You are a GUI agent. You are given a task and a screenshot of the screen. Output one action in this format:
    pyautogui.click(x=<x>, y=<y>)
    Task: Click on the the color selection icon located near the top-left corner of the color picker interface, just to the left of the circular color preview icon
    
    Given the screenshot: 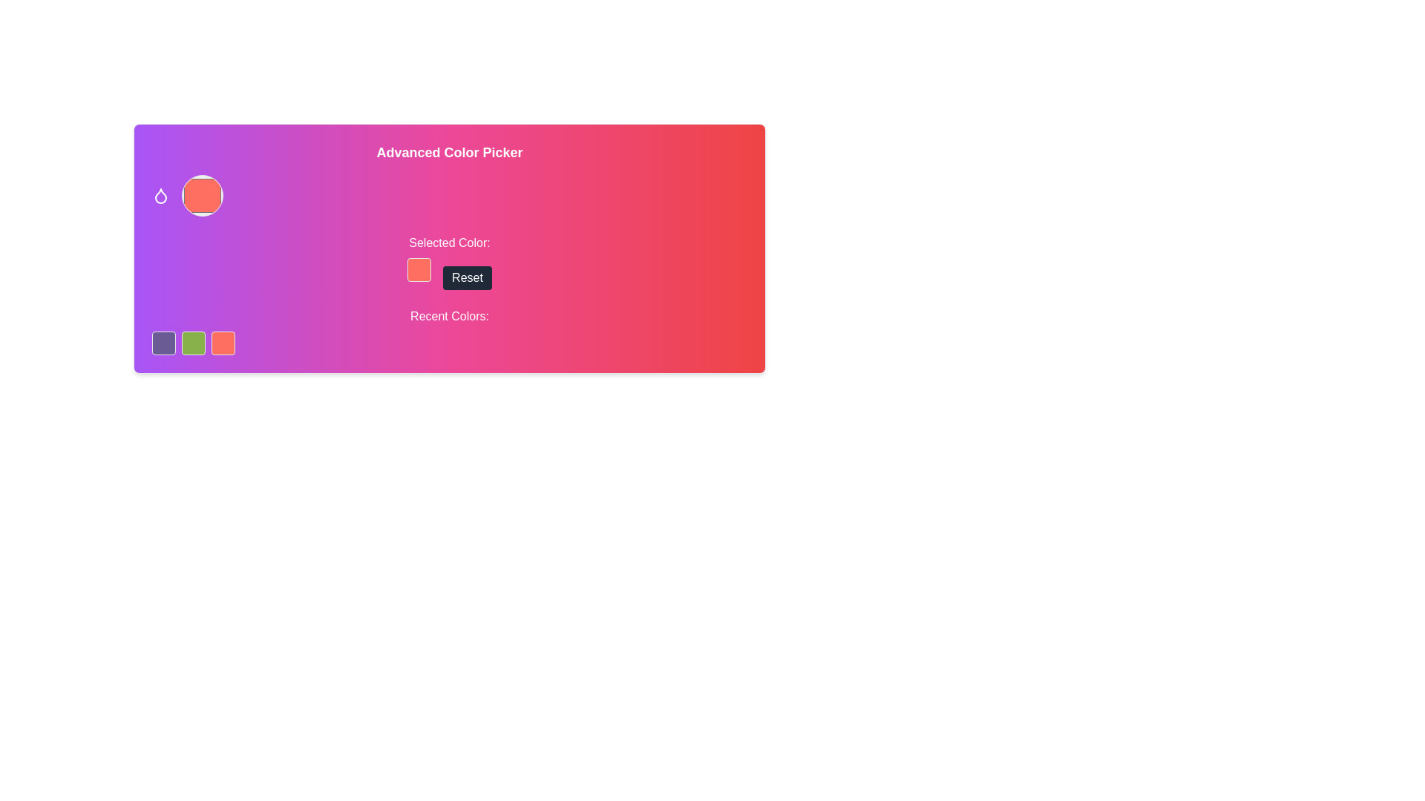 What is the action you would take?
    pyautogui.click(x=160, y=195)
    